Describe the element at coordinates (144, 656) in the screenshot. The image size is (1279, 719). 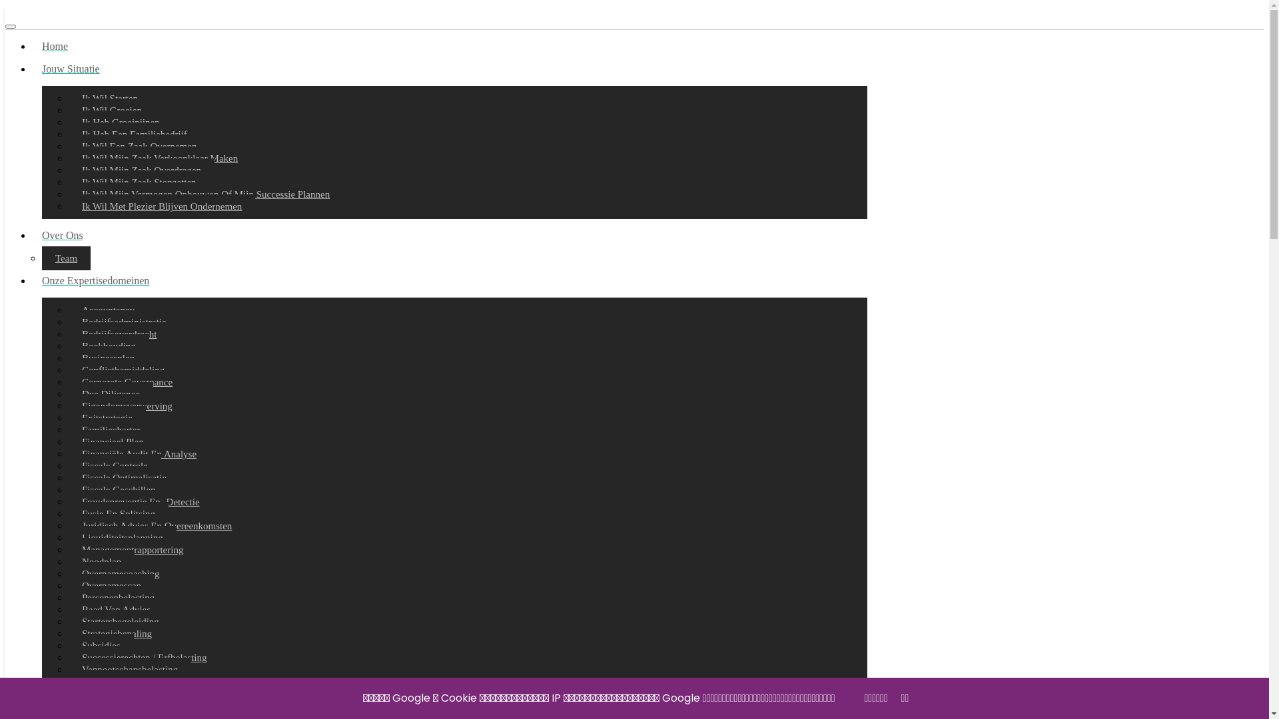
I see `'Successierechten / Erfbelasting'` at that location.